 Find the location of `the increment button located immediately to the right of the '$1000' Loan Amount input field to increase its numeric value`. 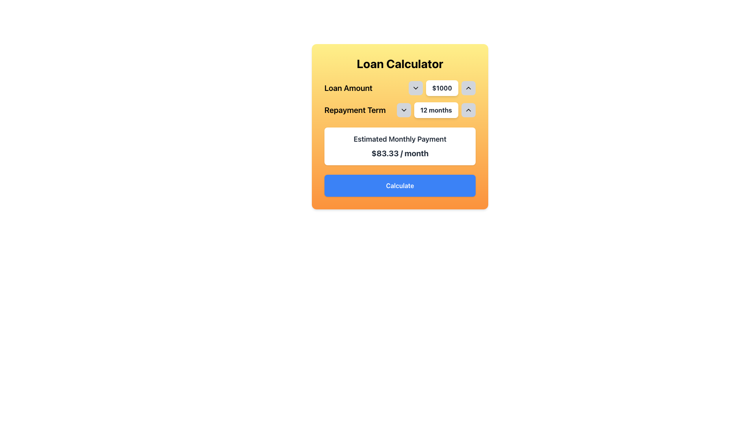

the increment button located immediately to the right of the '$1000' Loan Amount input field to increase its numeric value is located at coordinates (469, 88).